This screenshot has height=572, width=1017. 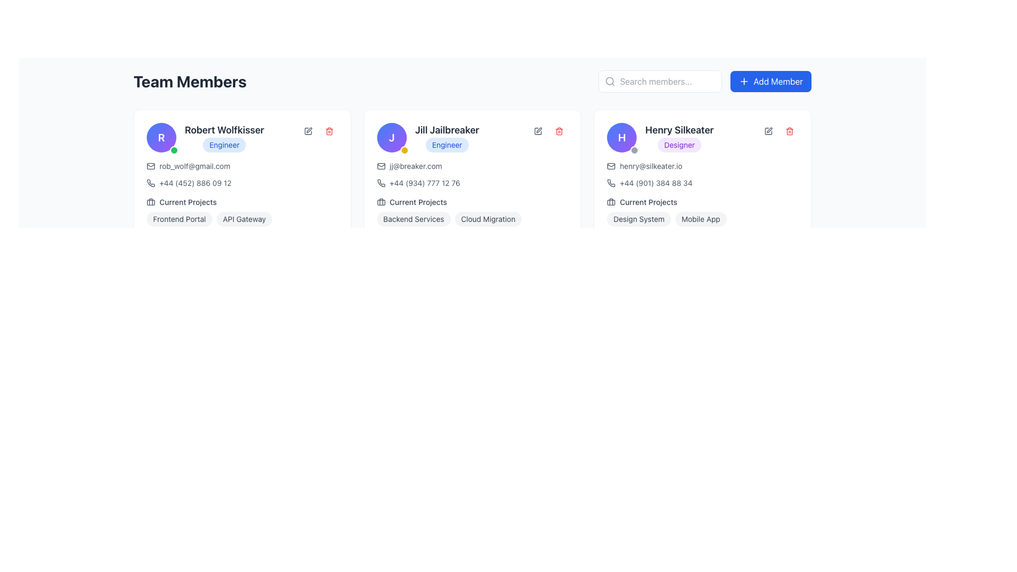 What do you see at coordinates (381, 183) in the screenshot?
I see `the visual association of the phone contact icon located in the second card under the 'Team Members' header, adjacent to the email address` at bounding box center [381, 183].